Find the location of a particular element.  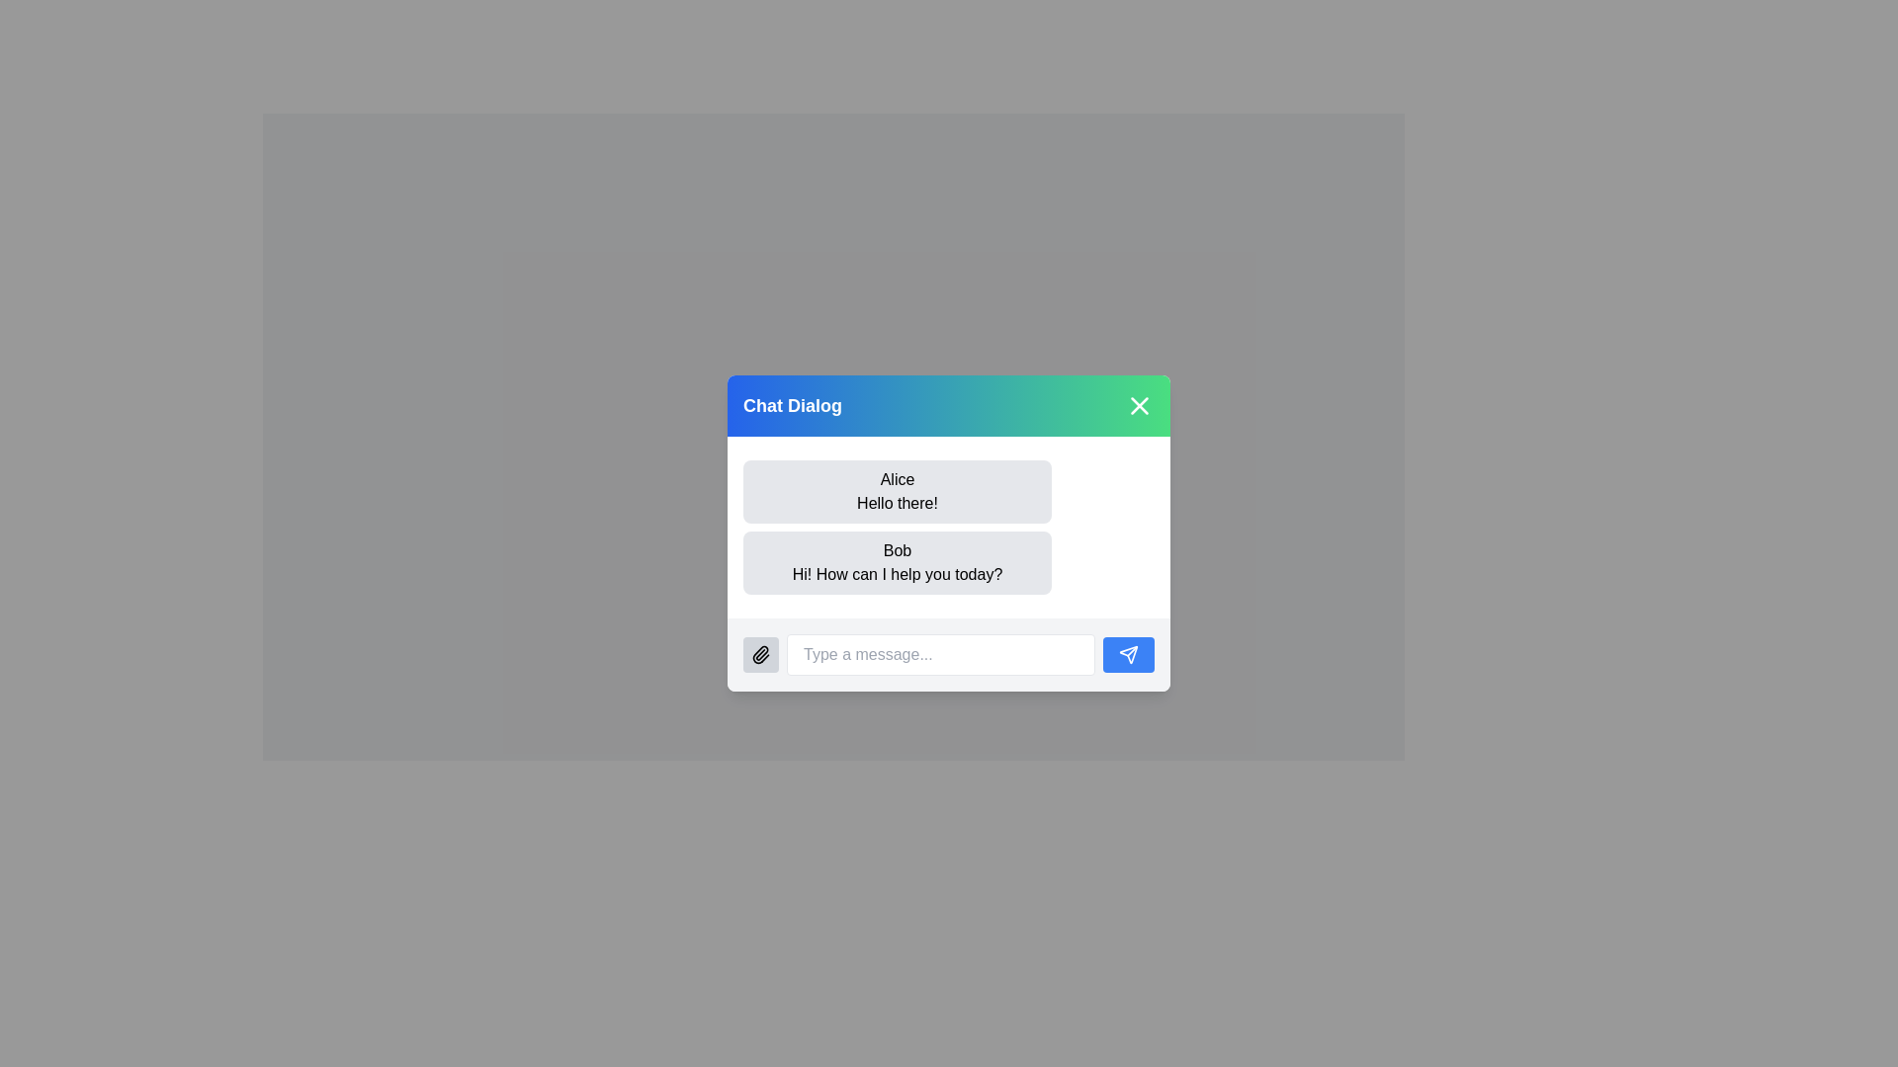

the close button (styled with an 'X' icon on a green background) located in the top-right corner of the header next to 'Chat Dialog' is located at coordinates (1139, 405).